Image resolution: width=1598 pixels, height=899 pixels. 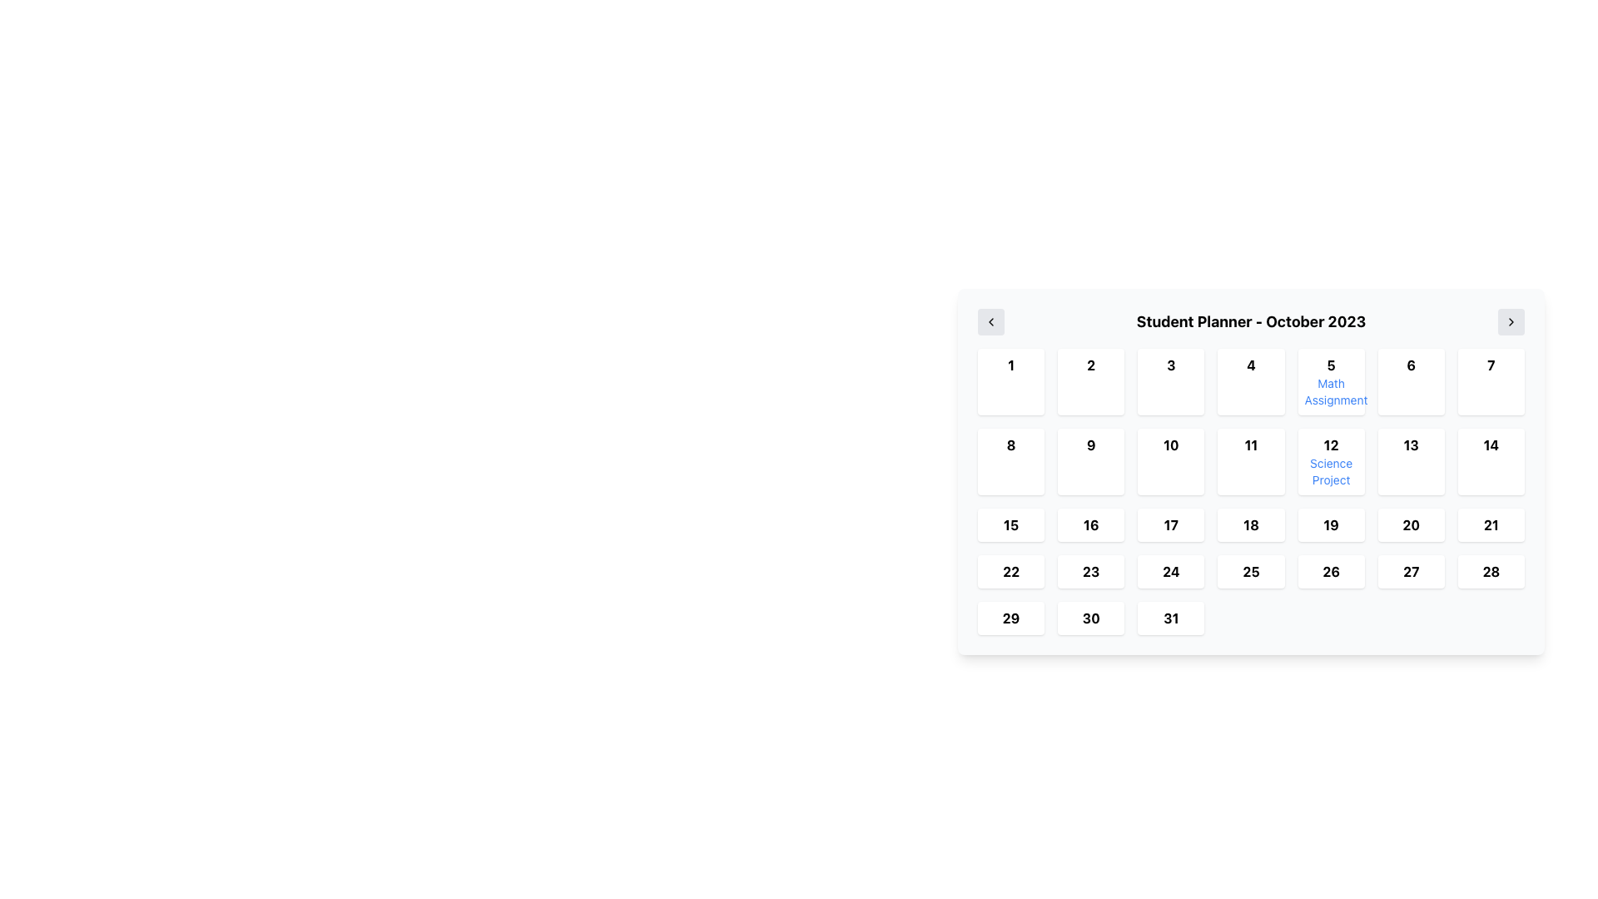 I want to click on the central title bar of the calendar display that shows the bold text 'Student Planner - October 2023', so click(x=1251, y=321).